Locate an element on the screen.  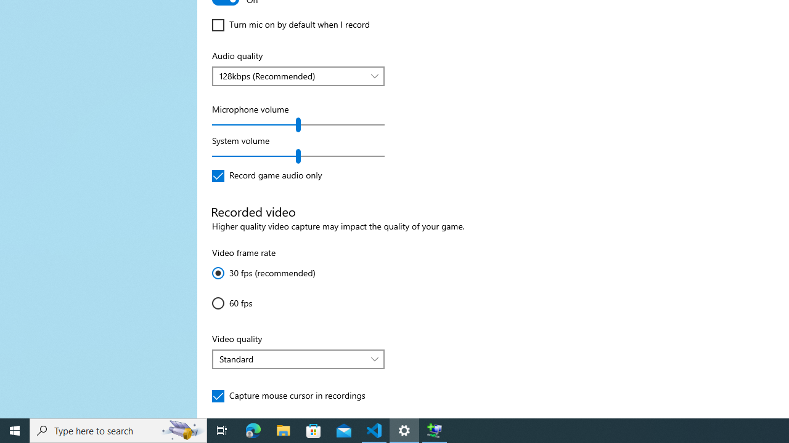
'System volume' is located at coordinates (298, 156).